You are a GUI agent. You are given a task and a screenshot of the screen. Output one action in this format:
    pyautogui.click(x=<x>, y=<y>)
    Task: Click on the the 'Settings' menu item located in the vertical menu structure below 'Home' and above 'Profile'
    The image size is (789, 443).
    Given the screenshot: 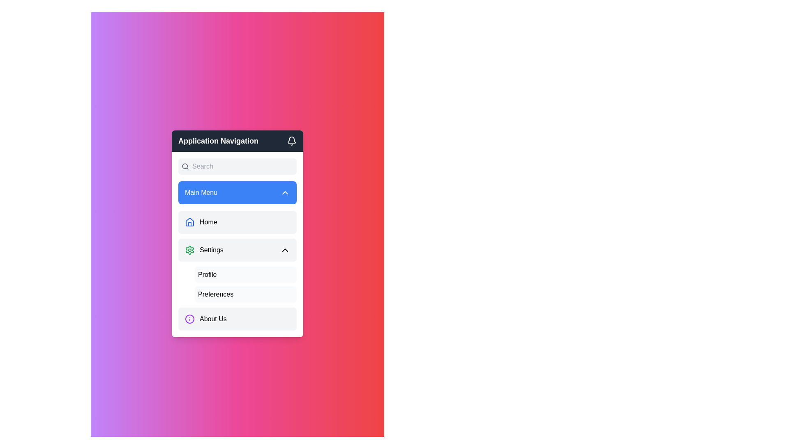 What is the action you would take?
    pyautogui.click(x=204, y=249)
    